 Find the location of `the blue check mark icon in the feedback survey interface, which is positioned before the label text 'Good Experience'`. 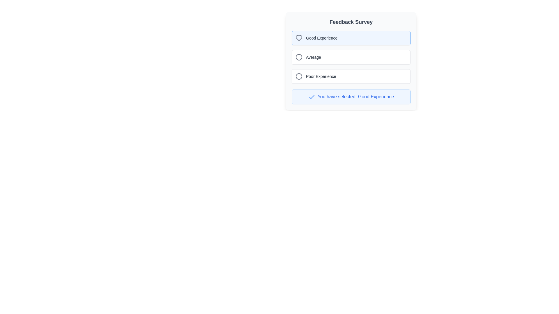

the blue check mark icon in the feedback survey interface, which is positioned before the label text 'Good Experience' is located at coordinates (311, 97).